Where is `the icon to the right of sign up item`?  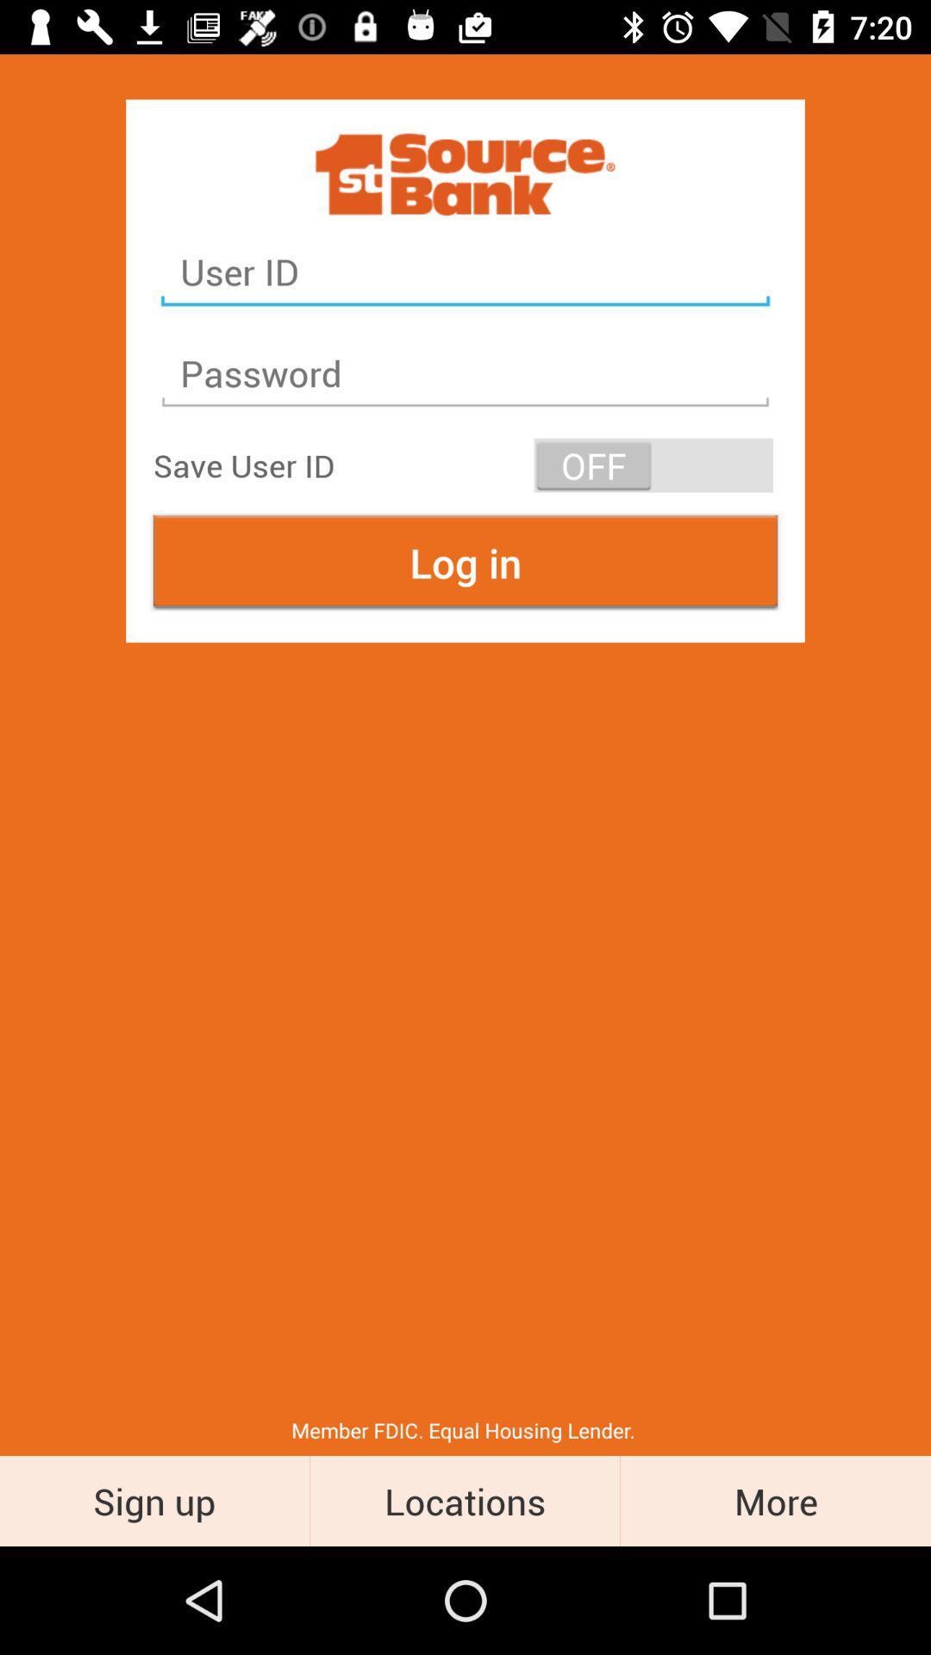 the icon to the right of sign up item is located at coordinates (464, 1500).